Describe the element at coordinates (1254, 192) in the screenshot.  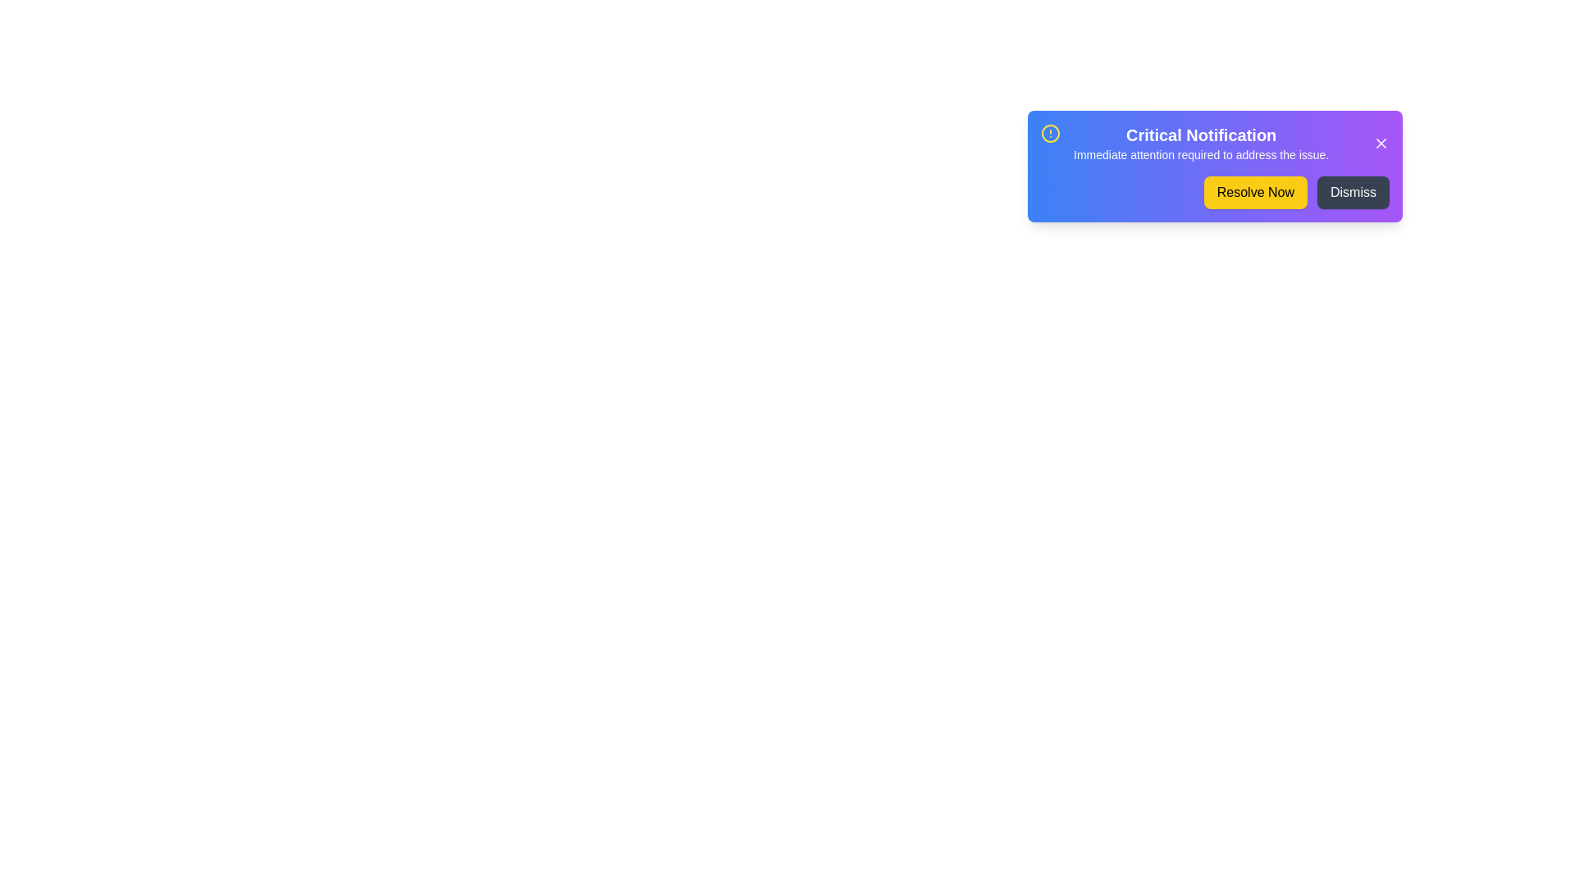
I see `the 'Resolve Now' button with a yellow background and black text, located in the notification box titled 'Critical Notification'` at that location.